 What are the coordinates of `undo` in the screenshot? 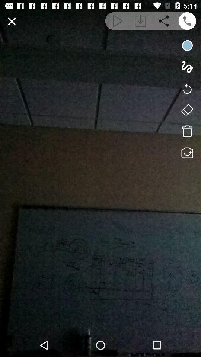 It's located at (187, 88).